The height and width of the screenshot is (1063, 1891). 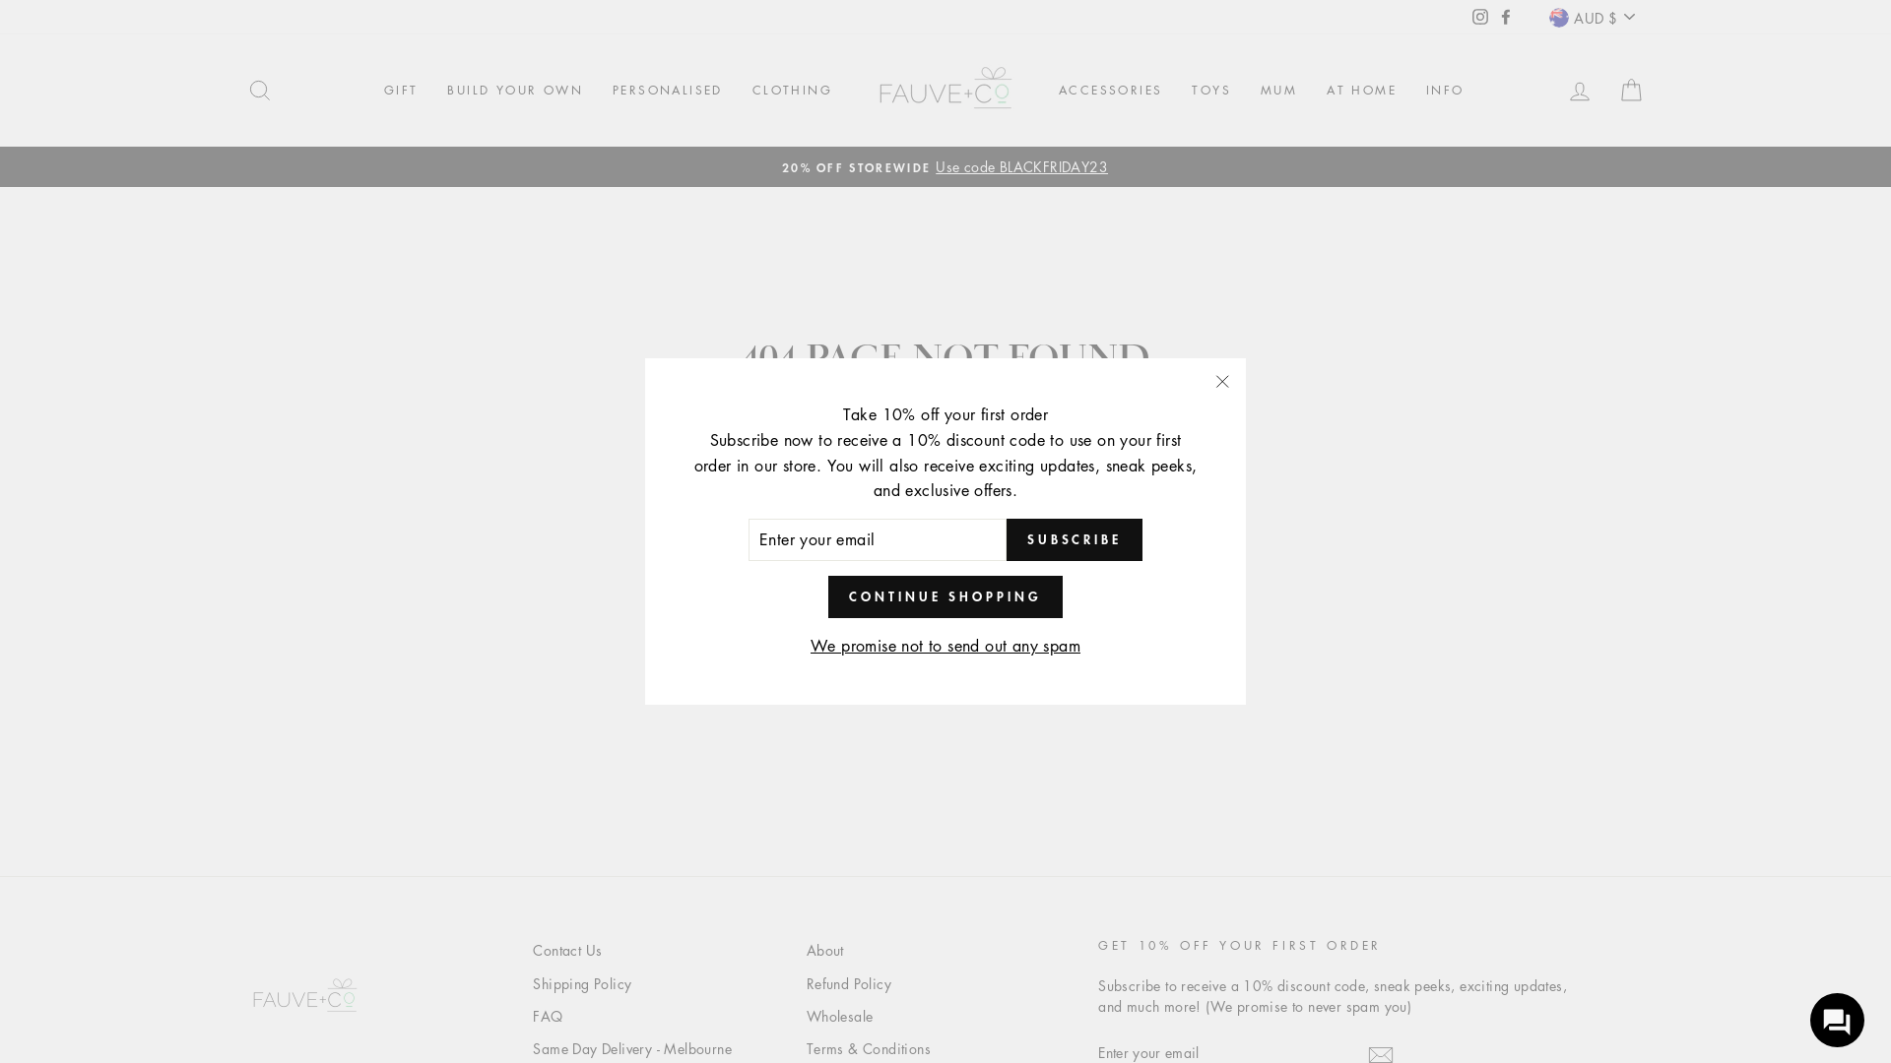 What do you see at coordinates (400, 91) in the screenshot?
I see `'GIFT'` at bounding box center [400, 91].